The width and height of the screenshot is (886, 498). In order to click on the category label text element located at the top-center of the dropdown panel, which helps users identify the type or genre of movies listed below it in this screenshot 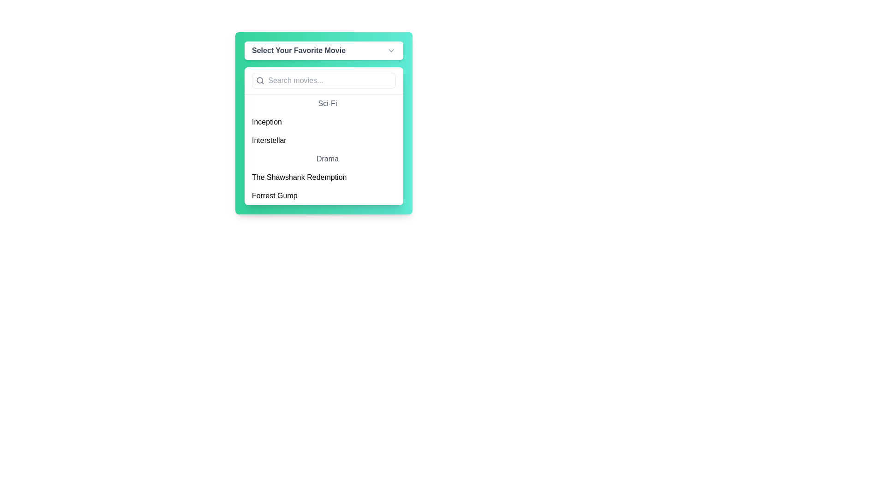, I will do `click(323, 158)`.